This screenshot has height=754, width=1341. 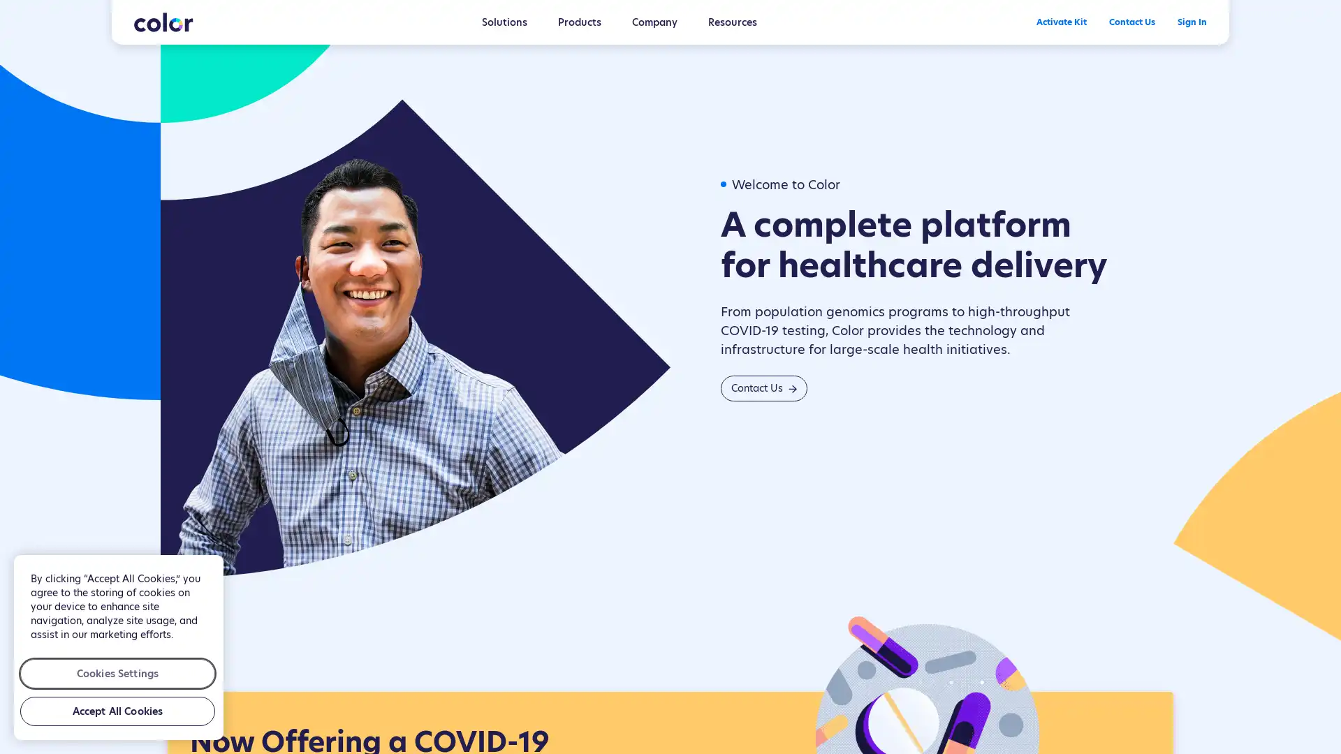 I want to click on Cookies Settings, so click(x=117, y=672).